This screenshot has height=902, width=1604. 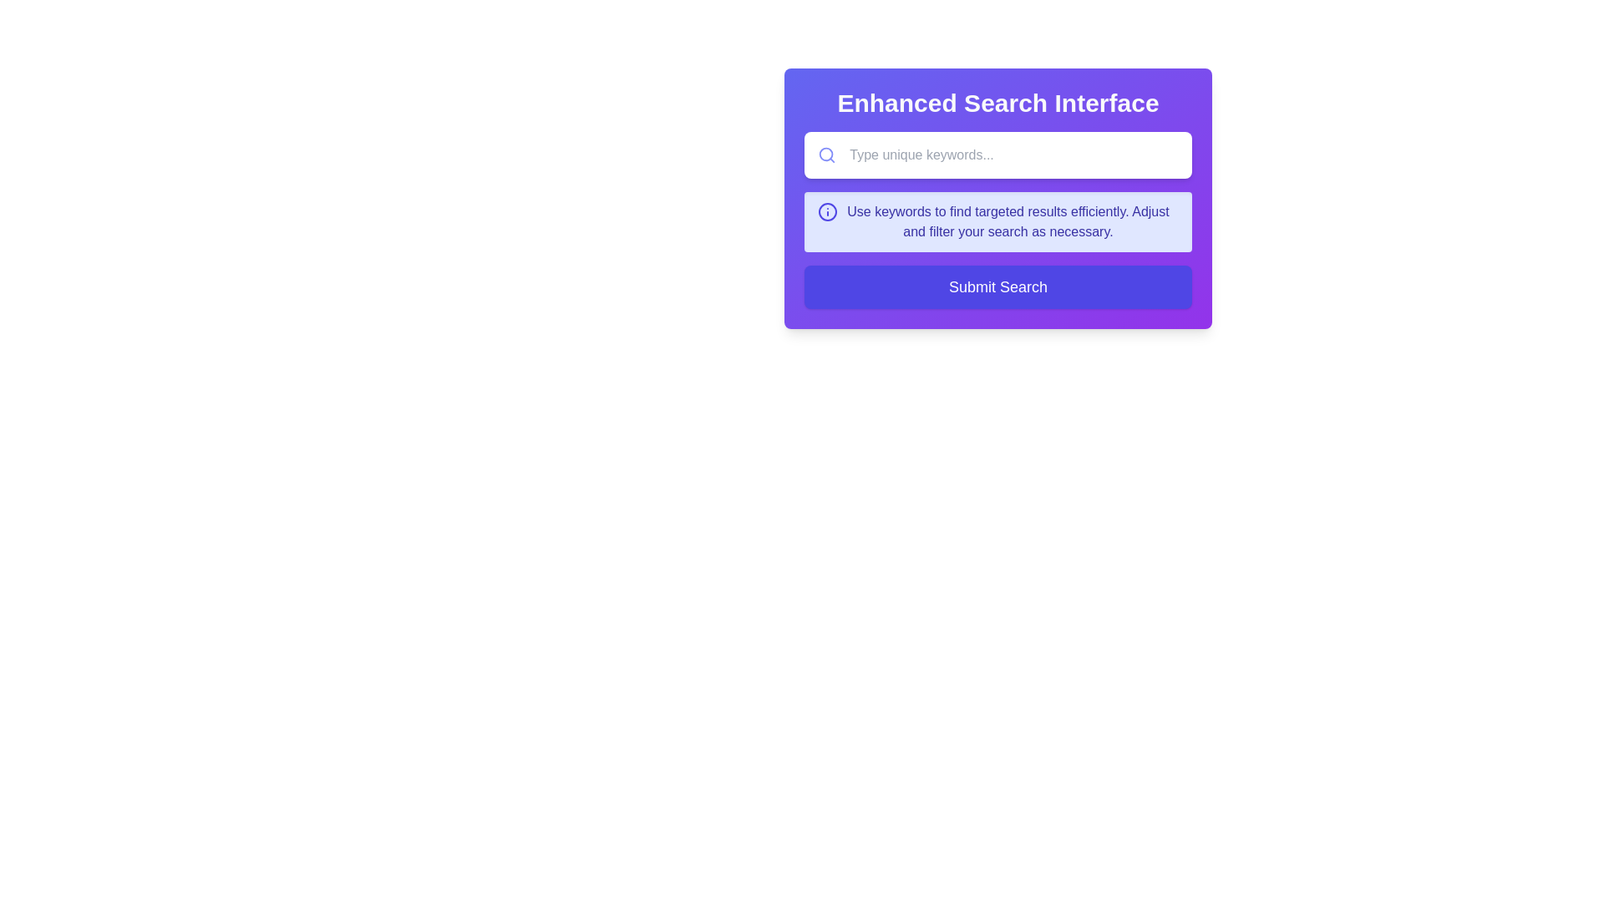 I want to click on the 'Submit Search' button, which is visually prominent with bold white text on an indigo background, located in the 'Enhanced Search Interface' section, so click(x=998, y=286).